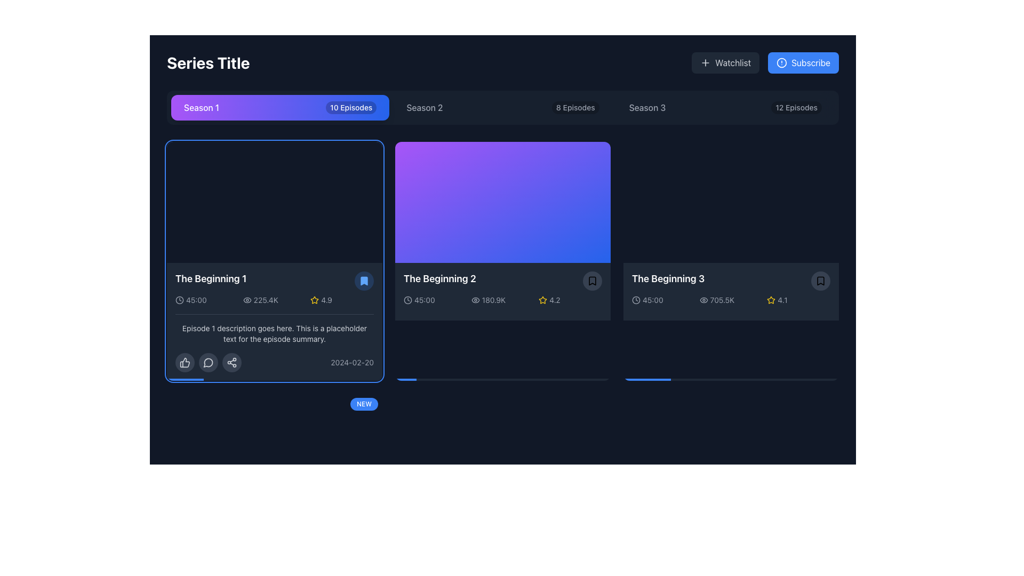  What do you see at coordinates (475, 300) in the screenshot?
I see `the views metric icon located to the left of the text '180.9K' within the metadata section of 'The Beginning 2' card` at bounding box center [475, 300].